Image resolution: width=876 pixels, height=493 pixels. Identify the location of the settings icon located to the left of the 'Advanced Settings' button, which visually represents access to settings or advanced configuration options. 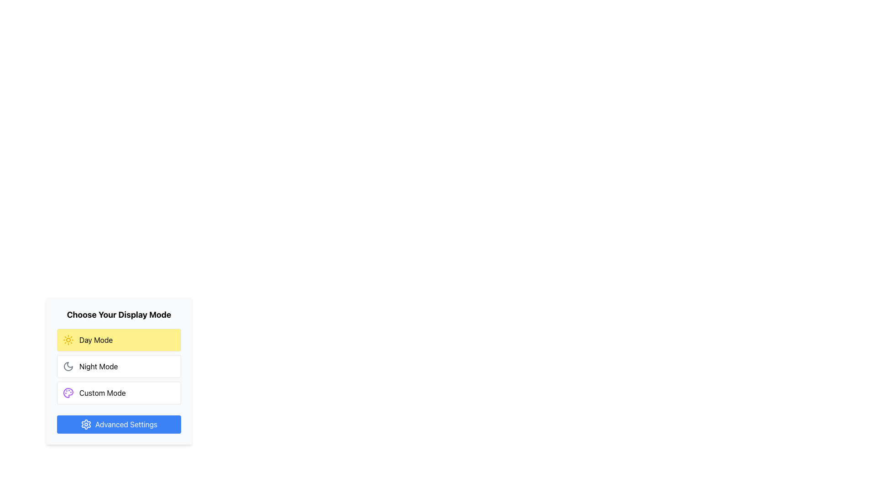
(86, 424).